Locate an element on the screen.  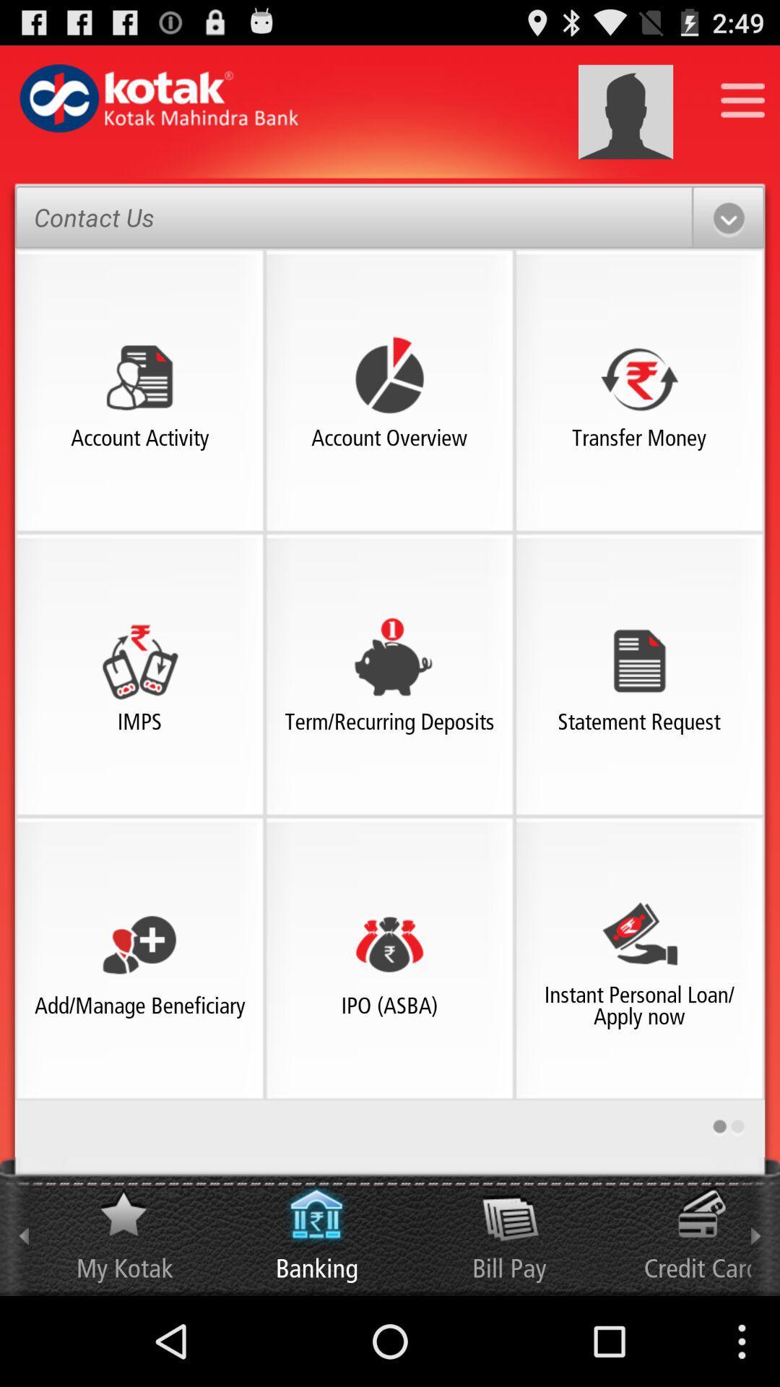
the button under contact us is located at coordinates (139, 376).